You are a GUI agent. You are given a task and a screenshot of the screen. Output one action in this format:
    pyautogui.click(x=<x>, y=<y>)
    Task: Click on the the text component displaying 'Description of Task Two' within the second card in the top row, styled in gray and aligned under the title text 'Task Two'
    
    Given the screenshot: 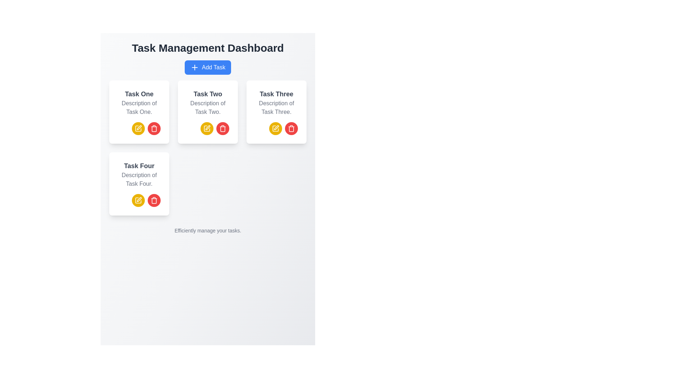 What is the action you would take?
    pyautogui.click(x=207, y=108)
    